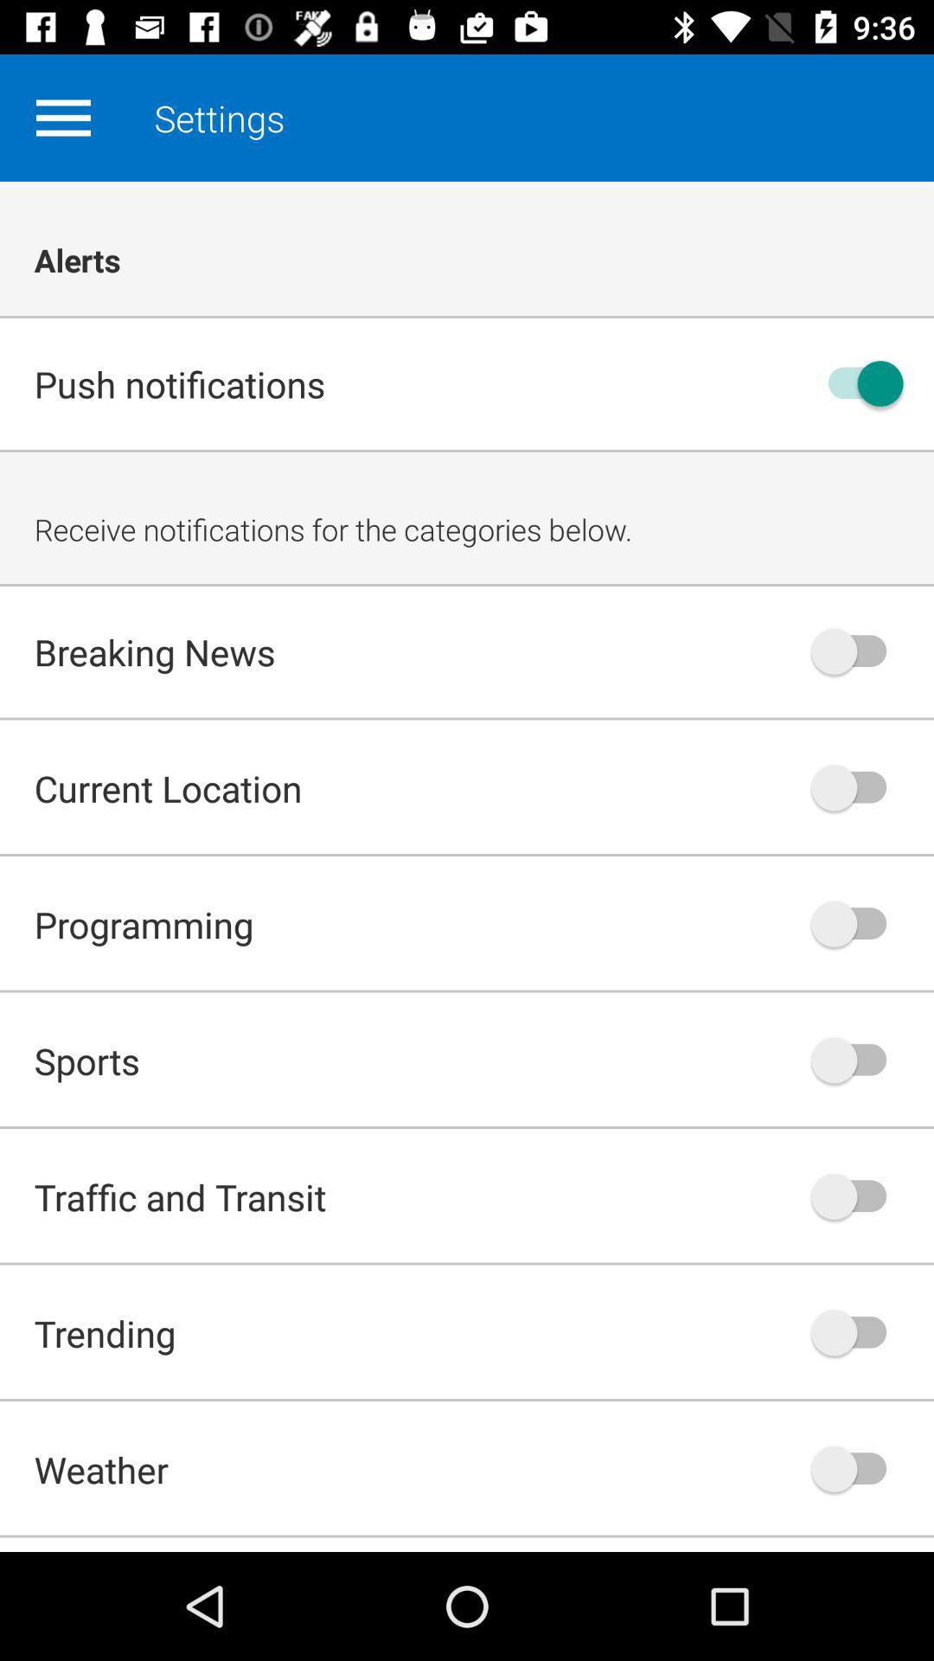 This screenshot has width=934, height=1661. What do you see at coordinates (857, 923) in the screenshot?
I see `programming notifications` at bounding box center [857, 923].